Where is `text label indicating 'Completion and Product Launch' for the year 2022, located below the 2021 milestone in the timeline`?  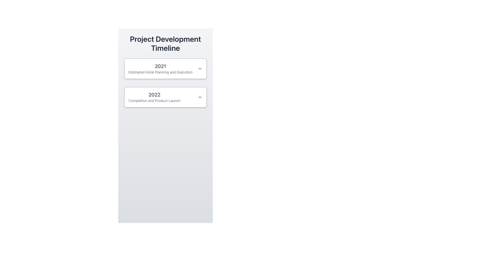 text label indicating 'Completion and Product Launch' for the year 2022, located below the 2021 milestone in the timeline is located at coordinates (154, 97).